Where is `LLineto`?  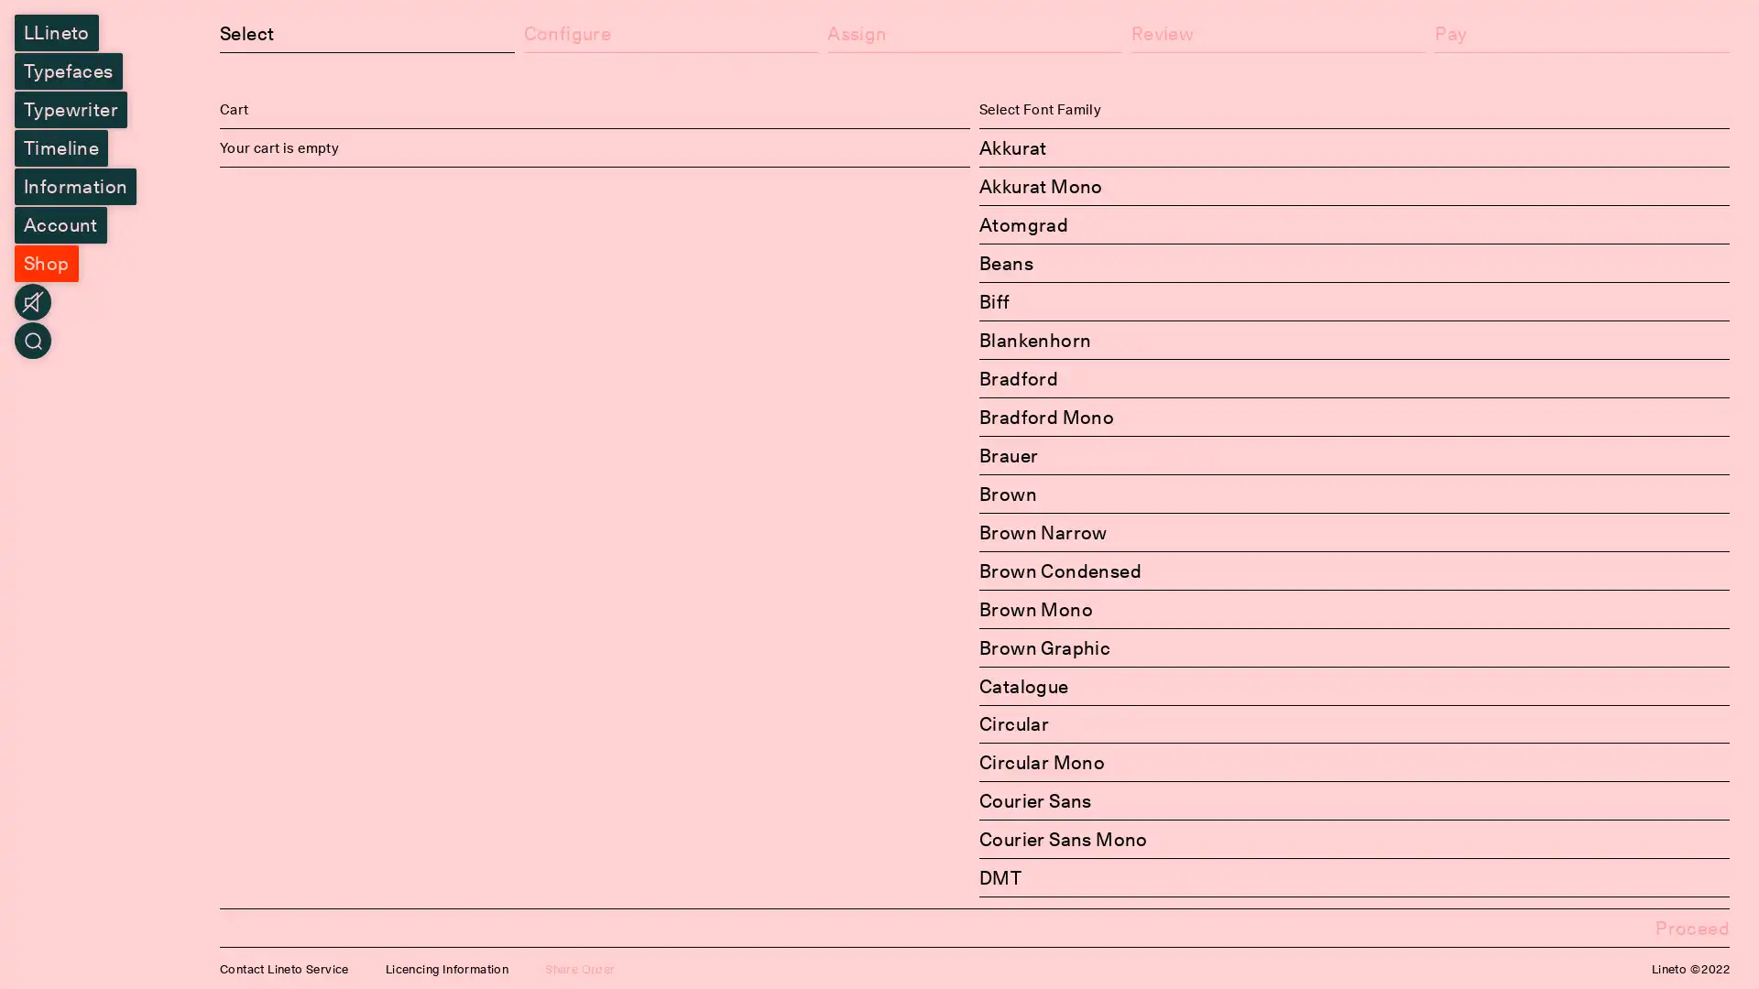
LLineto is located at coordinates (56, 32).